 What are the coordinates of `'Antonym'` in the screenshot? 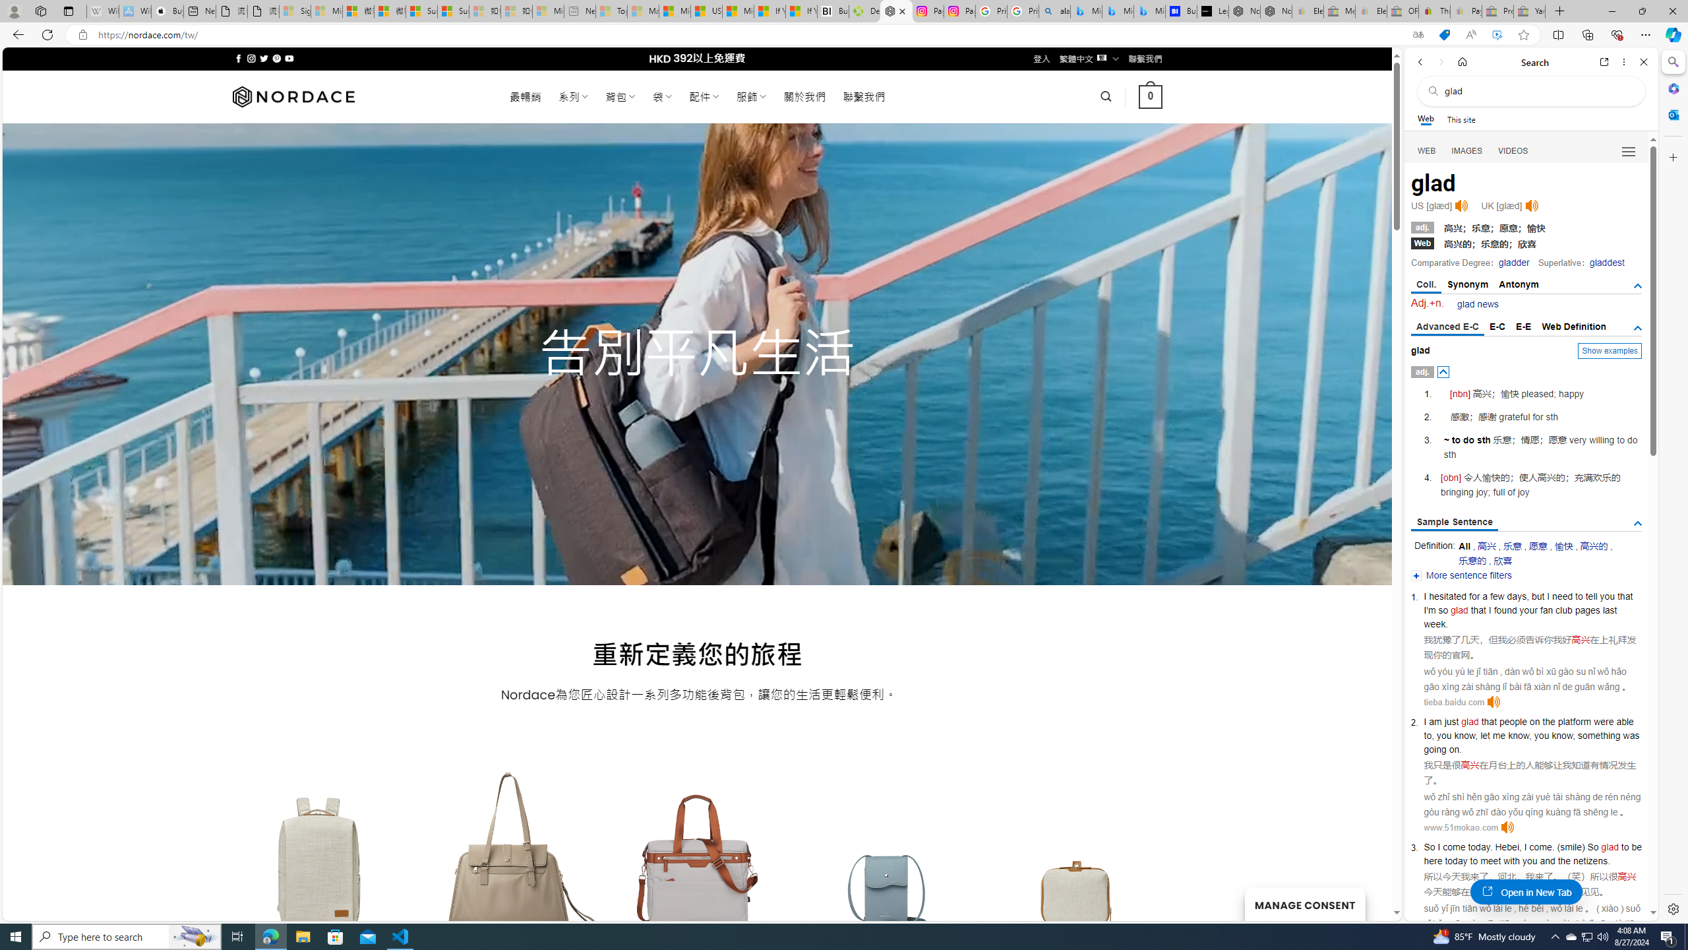 It's located at (1519, 284).